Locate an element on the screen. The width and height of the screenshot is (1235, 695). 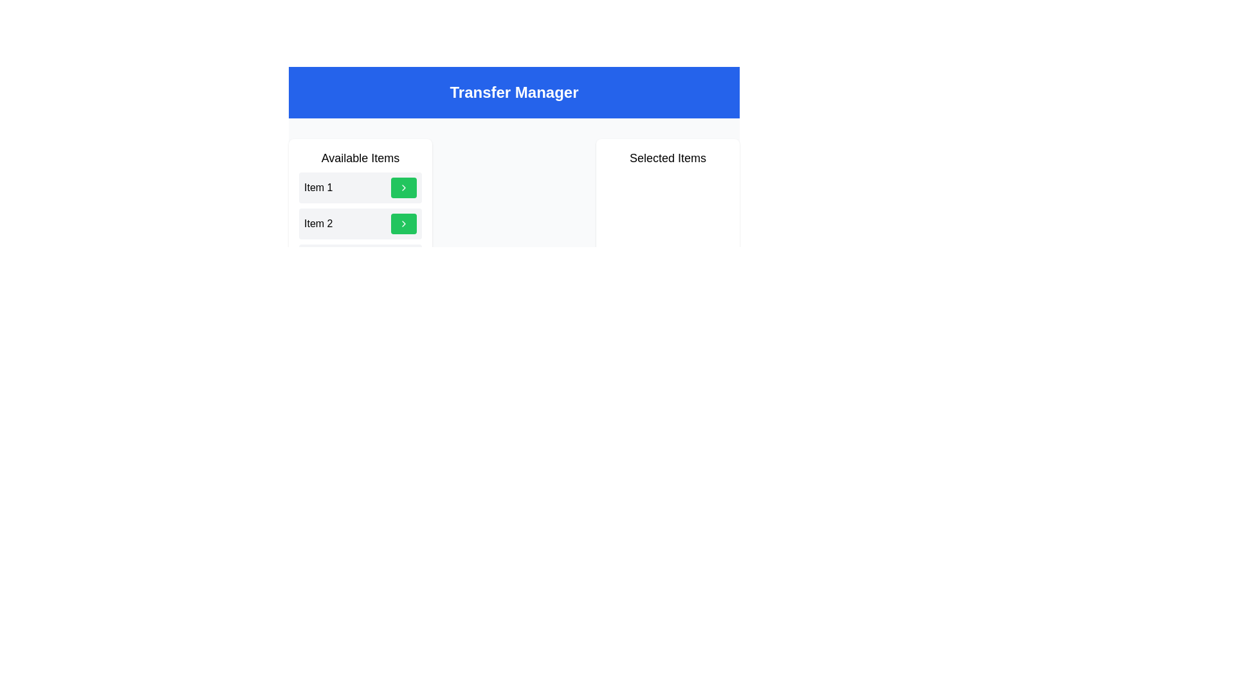
the rightward-pointing chevron icon within the green circular button located to the right of 'Item 2' in the 'Available Items' column is located at coordinates (403, 223).